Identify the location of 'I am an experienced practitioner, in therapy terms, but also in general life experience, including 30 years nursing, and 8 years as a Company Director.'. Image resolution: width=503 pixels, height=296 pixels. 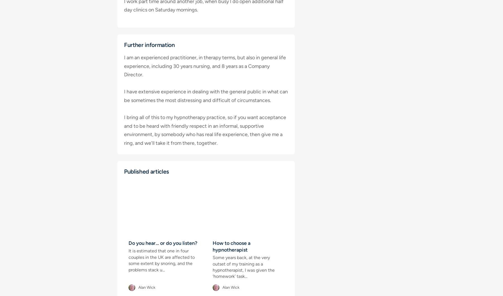
(205, 66).